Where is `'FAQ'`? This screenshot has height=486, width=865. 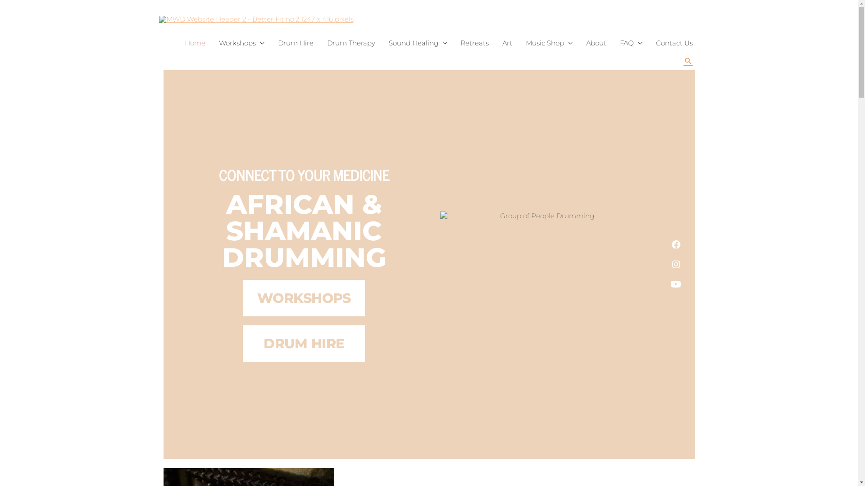 'FAQ' is located at coordinates (630, 43).